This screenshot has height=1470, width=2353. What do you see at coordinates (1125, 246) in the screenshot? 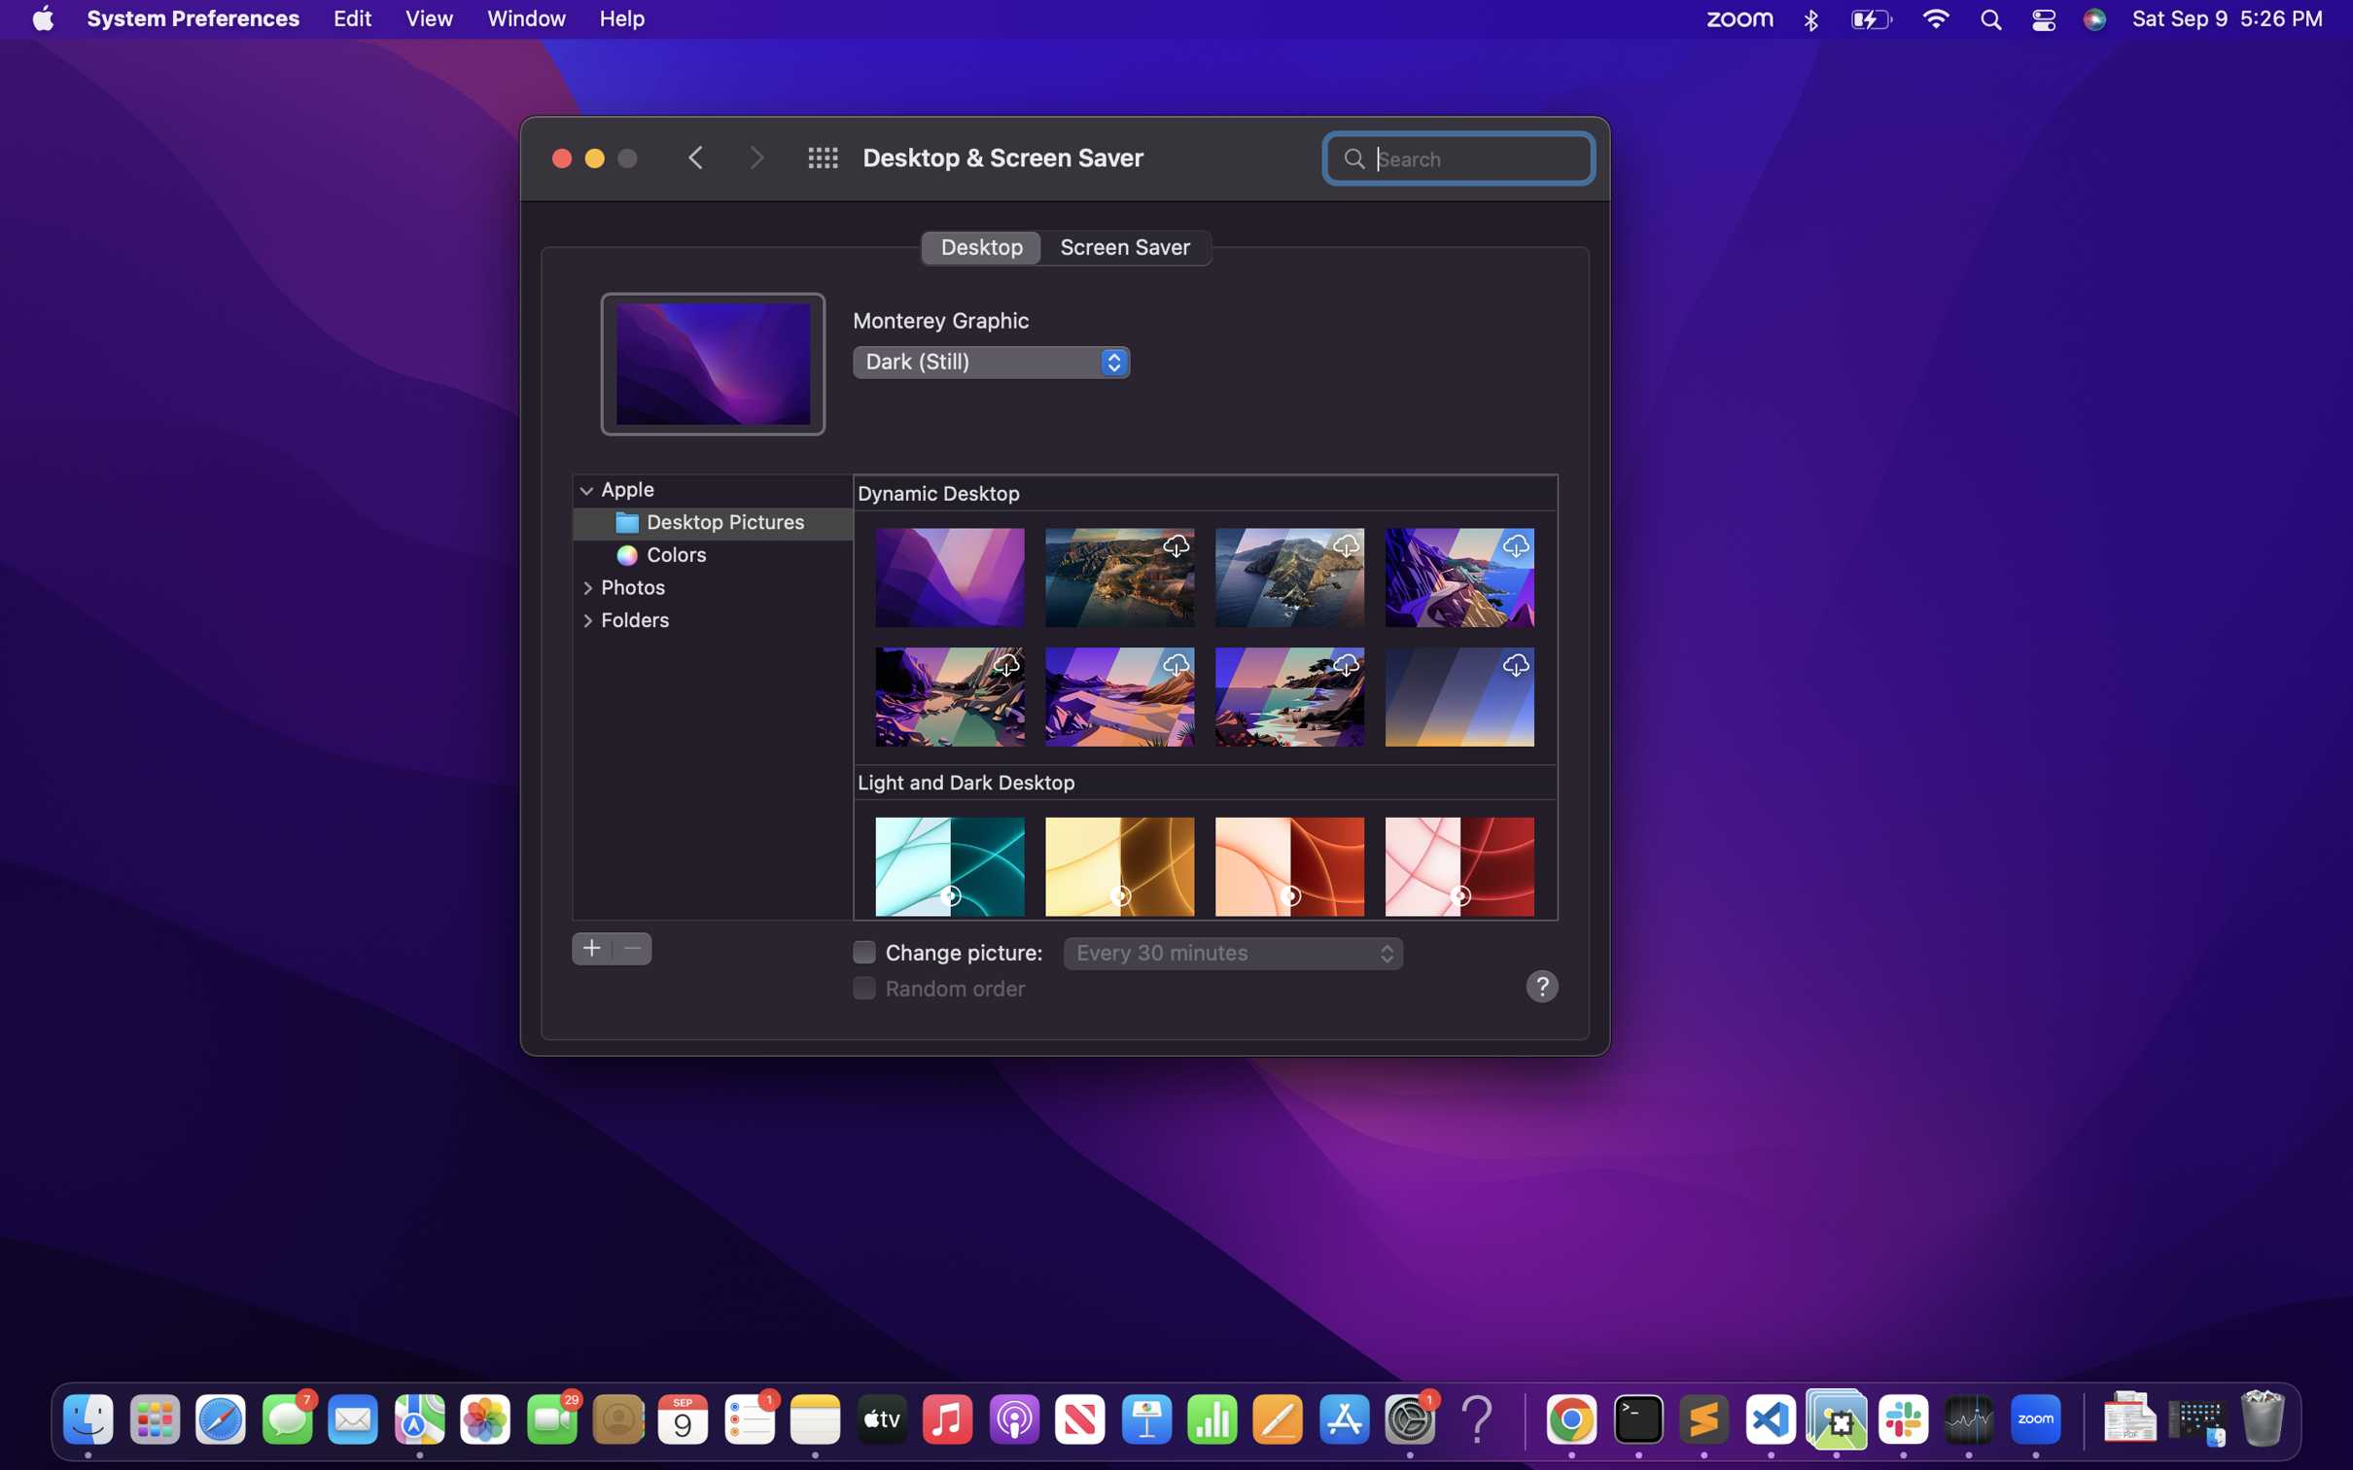
I see `the screen saver tab in the settings` at bounding box center [1125, 246].